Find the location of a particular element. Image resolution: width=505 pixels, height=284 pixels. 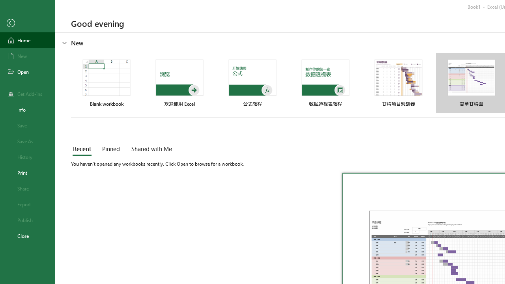

'Shared with Me' is located at coordinates (150, 149).